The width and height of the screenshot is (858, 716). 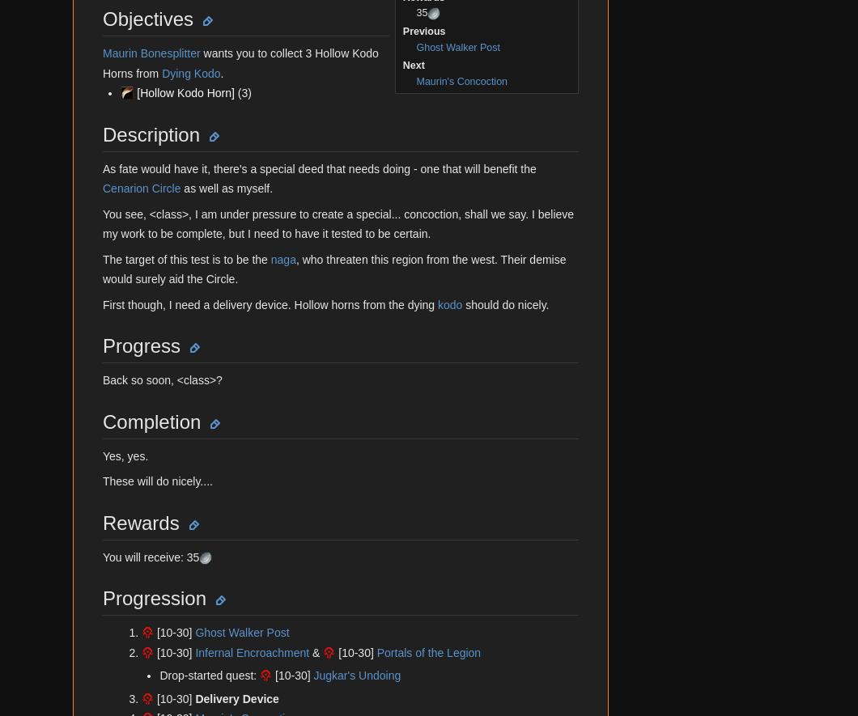 What do you see at coordinates (89, 91) in the screenshot?
I see `'Fandom'` at bounding box center [89, 91].